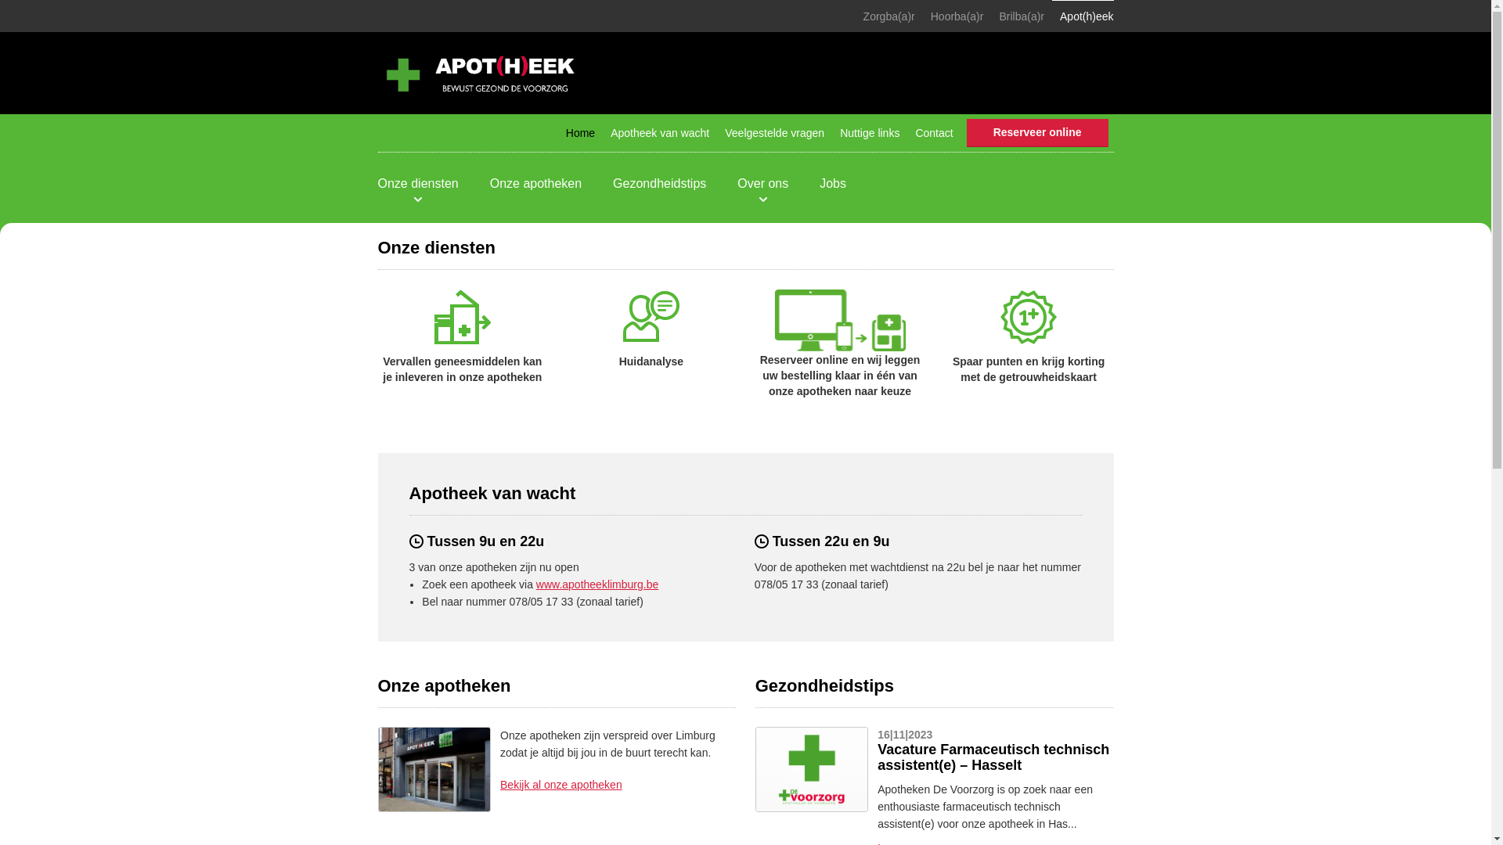  What do you see at coordinates (855, 16) in the screenshot?
I see `'Zorgba(a)r'` at bounding box center [855, 16].